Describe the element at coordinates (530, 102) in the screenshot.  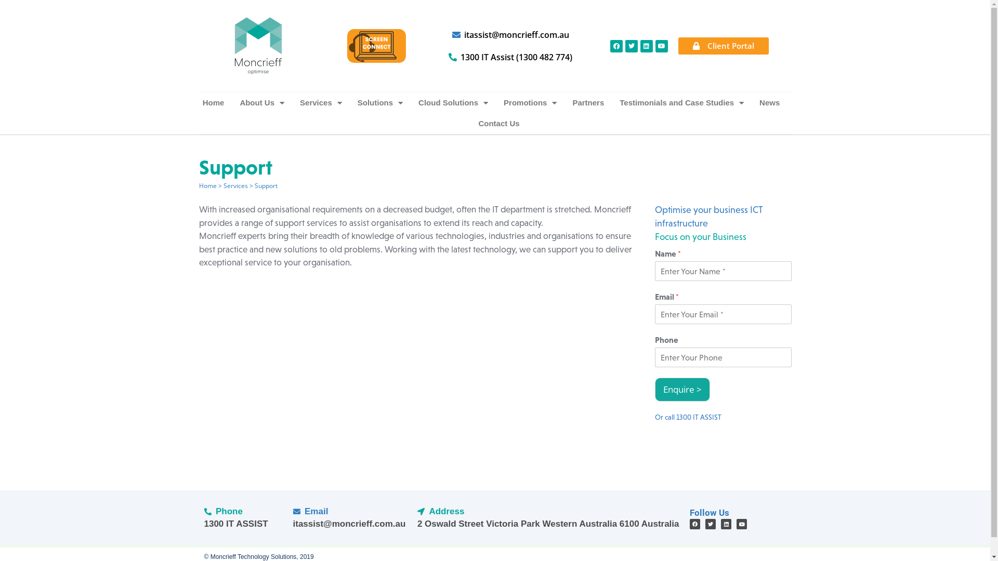
I see `'Promotions'` at that location.